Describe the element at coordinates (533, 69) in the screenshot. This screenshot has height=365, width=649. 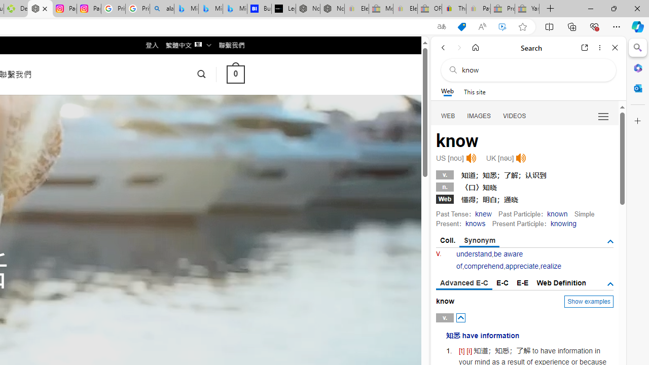
I see `'Search the web'` at that location.